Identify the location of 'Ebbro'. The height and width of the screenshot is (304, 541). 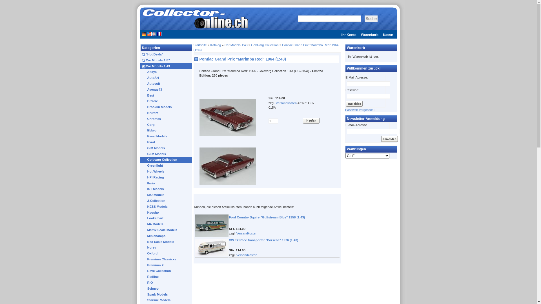
(167, 130).